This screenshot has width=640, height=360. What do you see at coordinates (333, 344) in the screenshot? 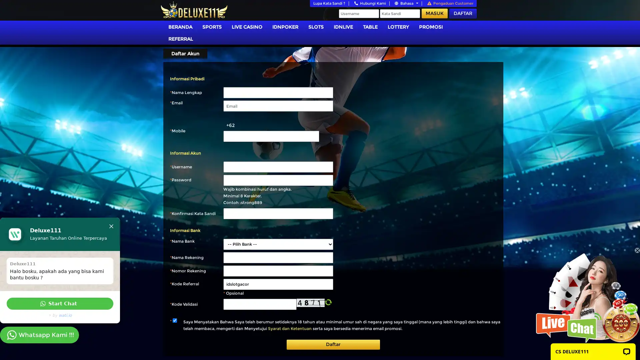
I see `Daftar` at bounding box center [333, 344].